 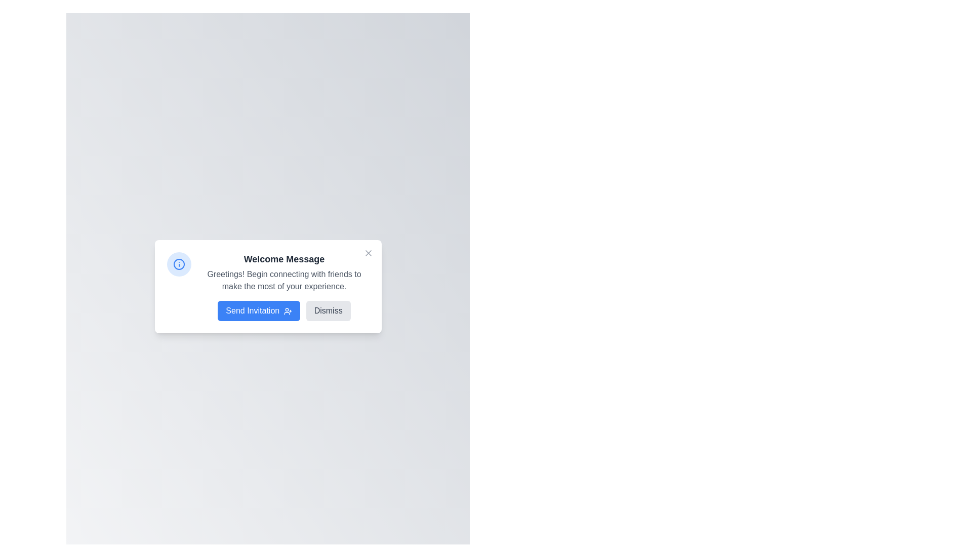 What do you see at coordinates (259, 310) in the screenshot?
I see `the blue rectangular button labeled 'Send Invitation'` at bounding box center [259, 310].